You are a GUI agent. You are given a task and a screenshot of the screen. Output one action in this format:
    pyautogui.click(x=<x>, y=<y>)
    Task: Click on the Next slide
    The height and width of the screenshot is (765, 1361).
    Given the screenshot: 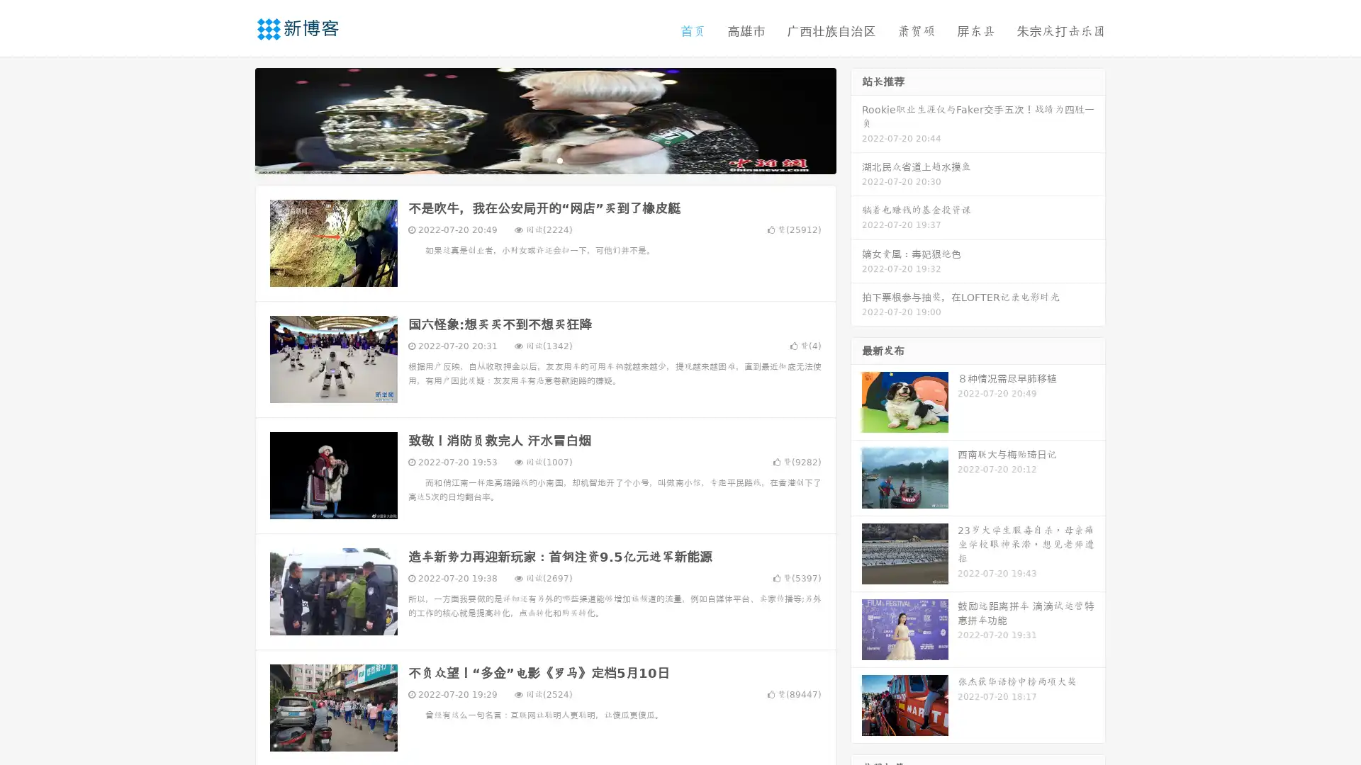 What is the action you would take?
    pyautogui.click(x=856, y=119)
    